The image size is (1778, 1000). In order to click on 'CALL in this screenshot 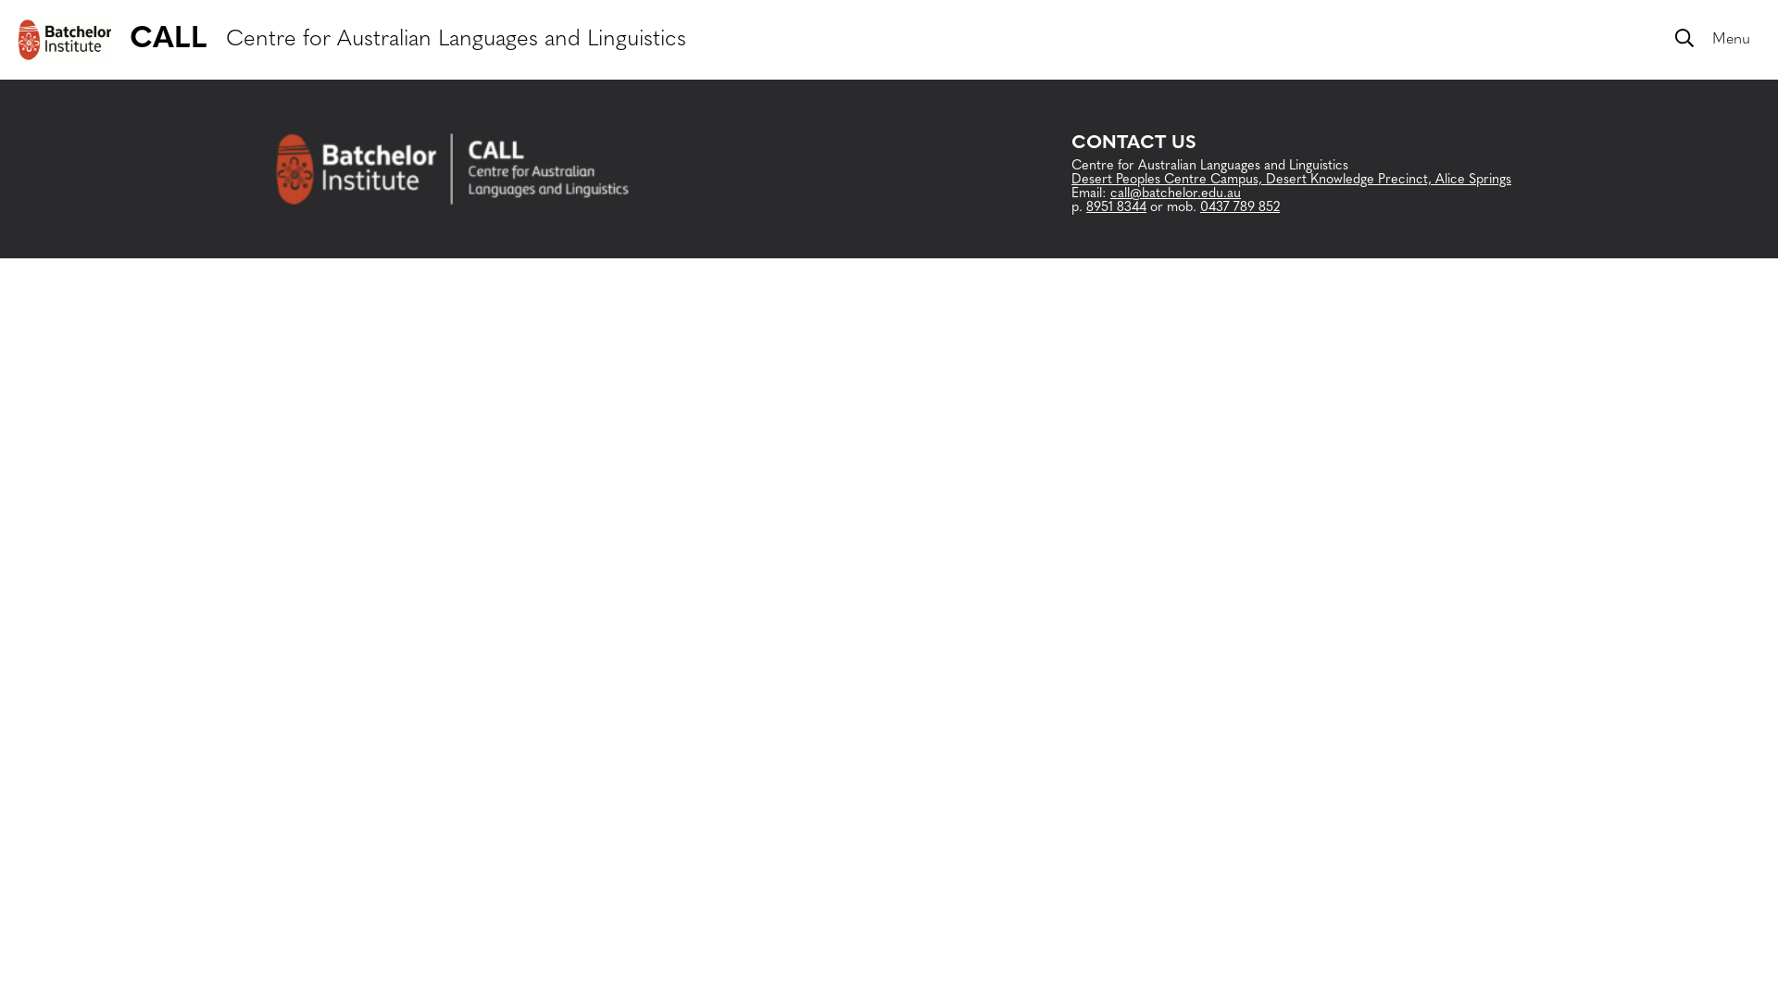, I will do `click(343, 40)`.